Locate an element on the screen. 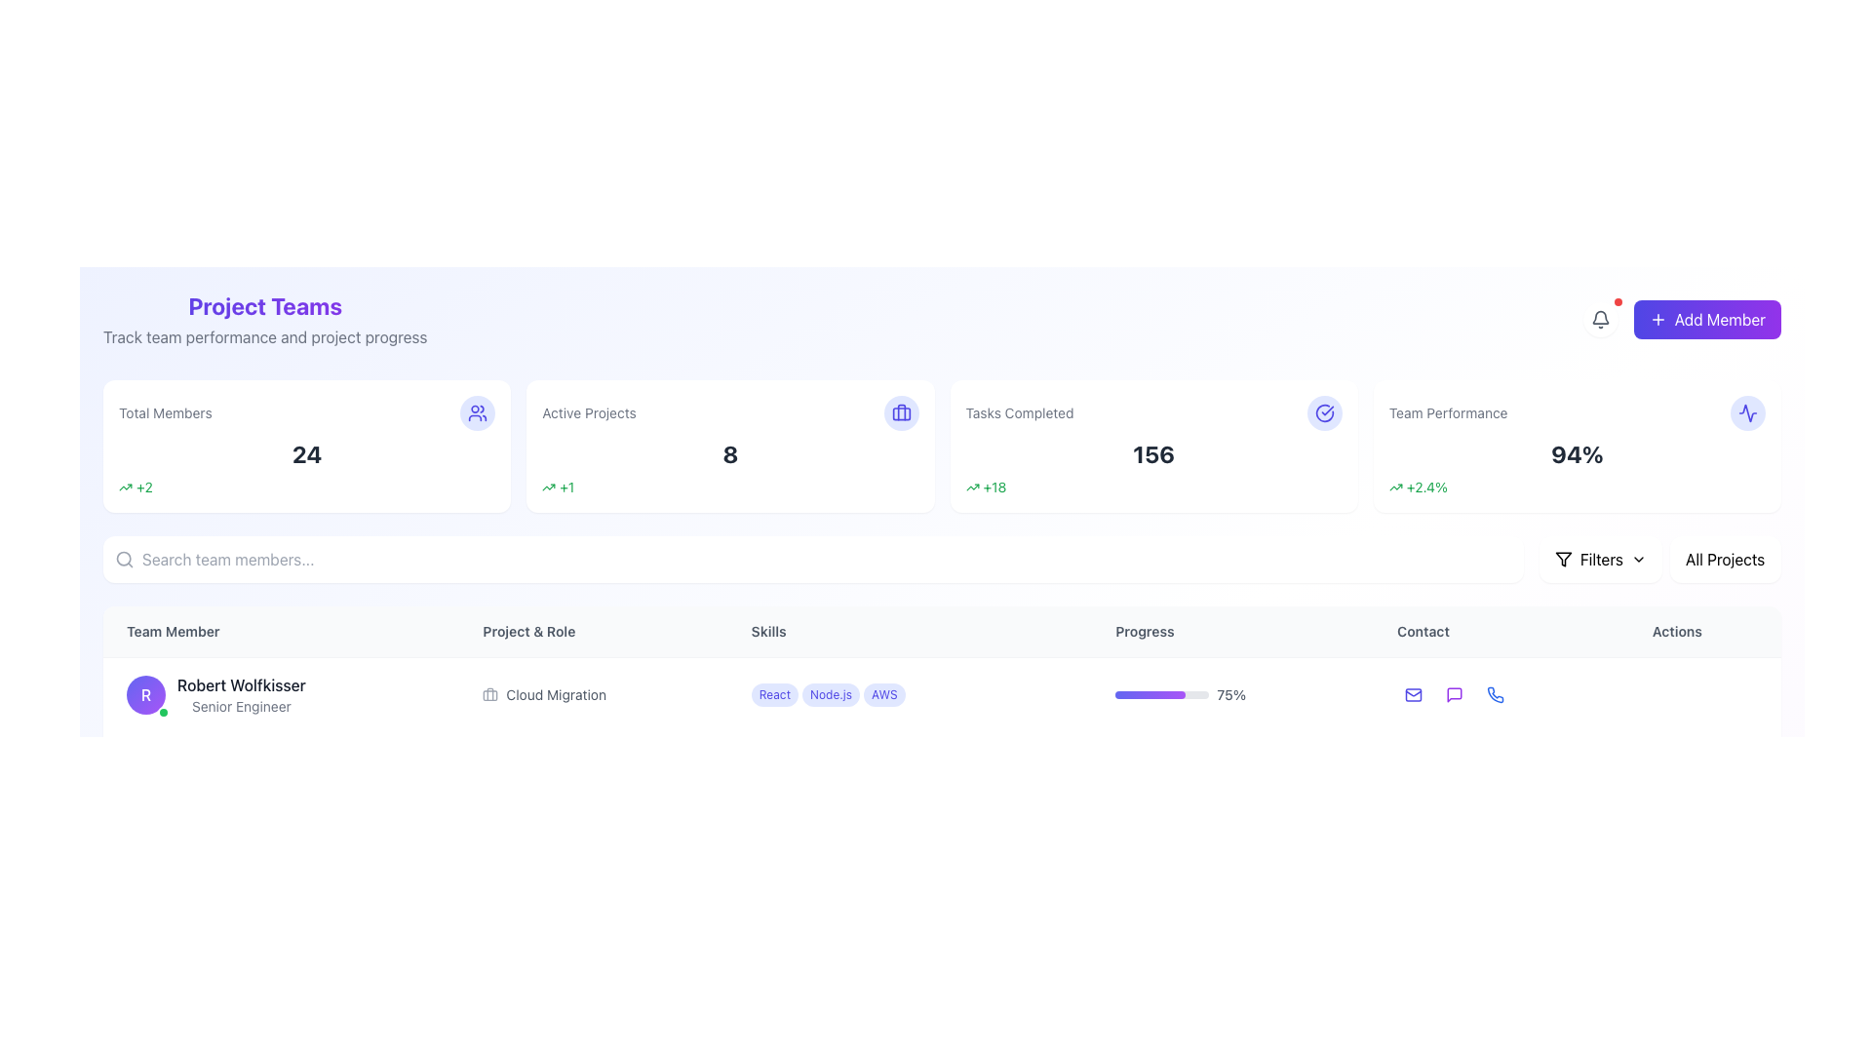  the briefcase icon, which is a minimalist gray design located to the left of the text 'Cloud Migration' in the 'Project & Role' column, associated with 'Robert Wolfkisser.' is located at coordinates (490, 694).